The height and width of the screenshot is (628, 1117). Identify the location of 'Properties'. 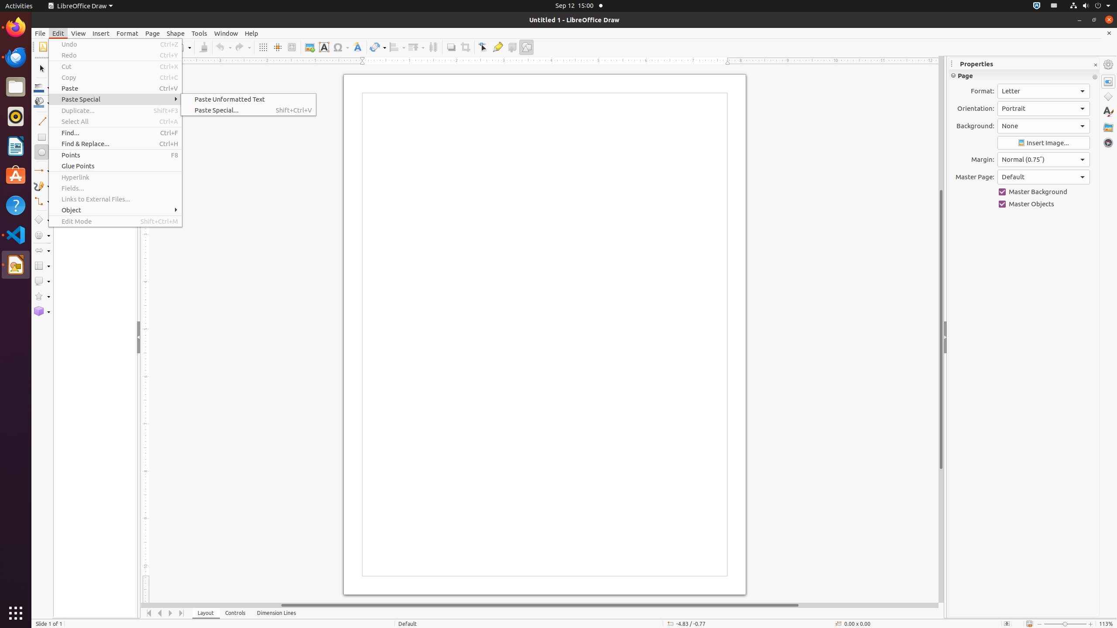
(1108, 82).